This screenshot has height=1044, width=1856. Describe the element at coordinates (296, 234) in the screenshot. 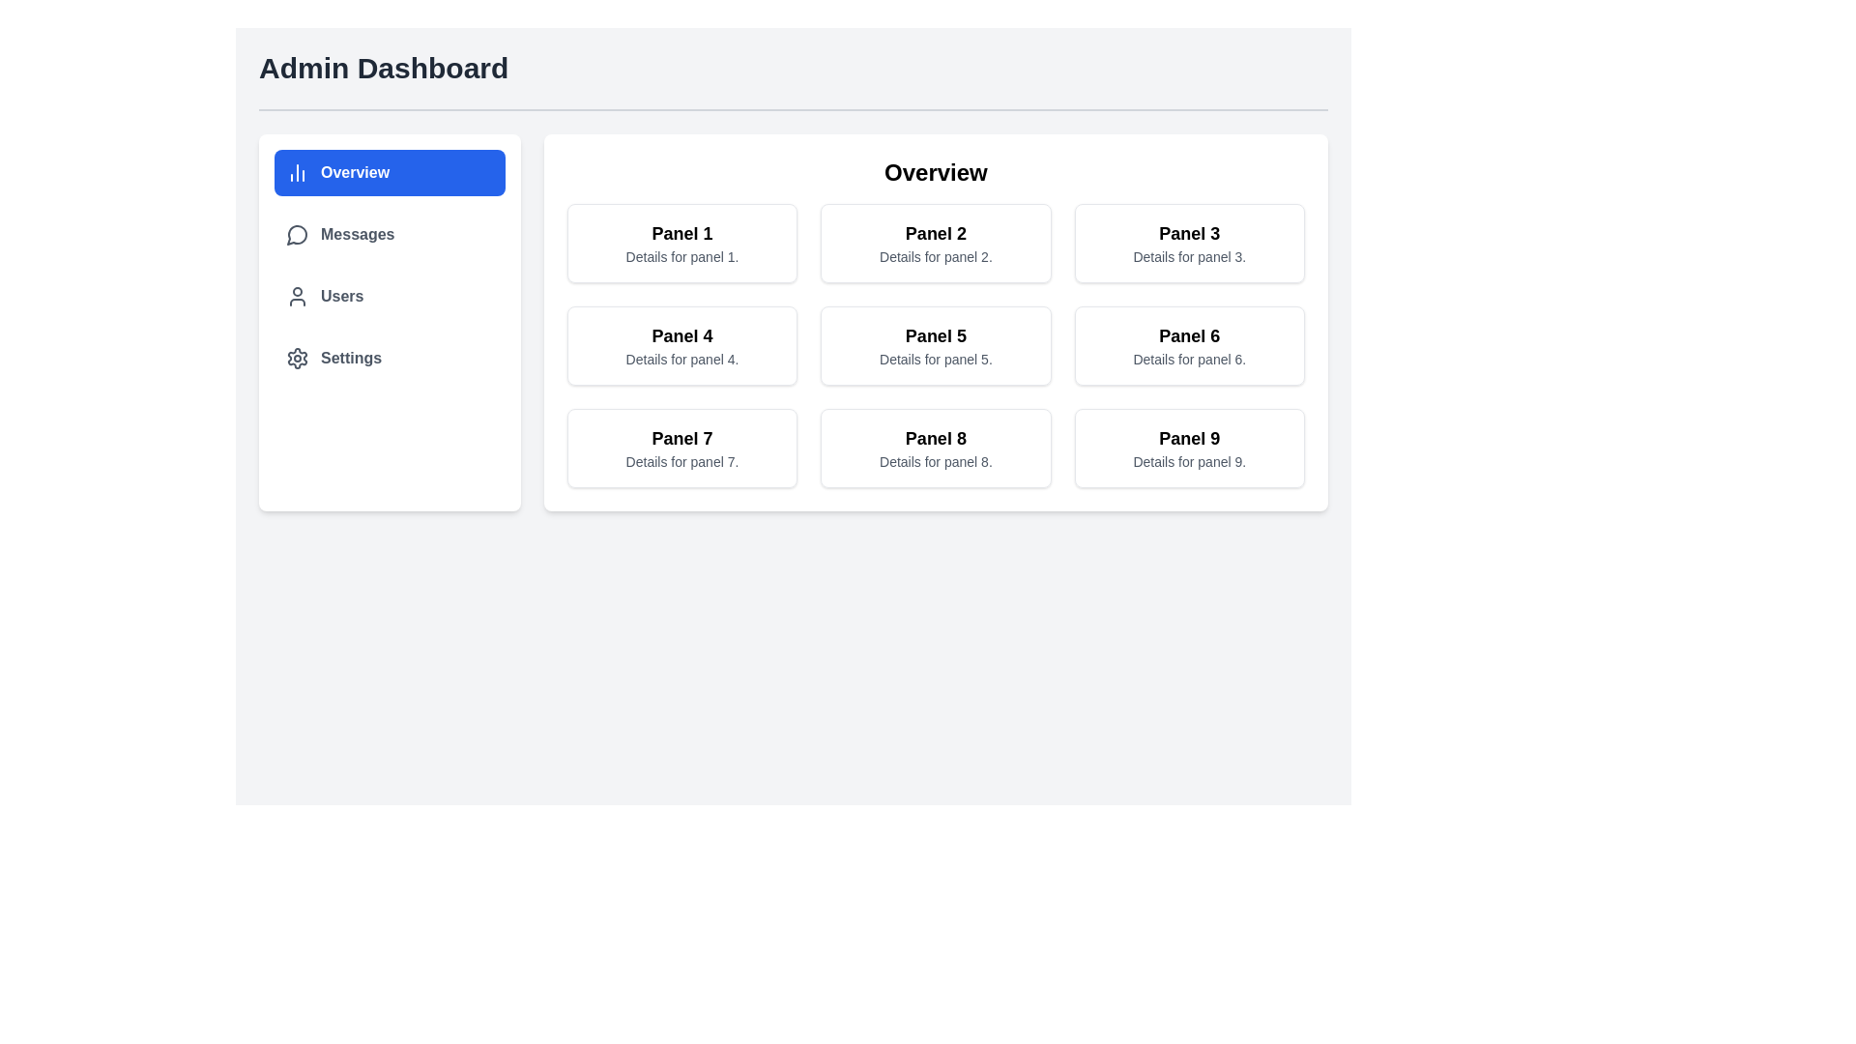

I see `the 'Messages' icon in the sidebar menu` at that location.